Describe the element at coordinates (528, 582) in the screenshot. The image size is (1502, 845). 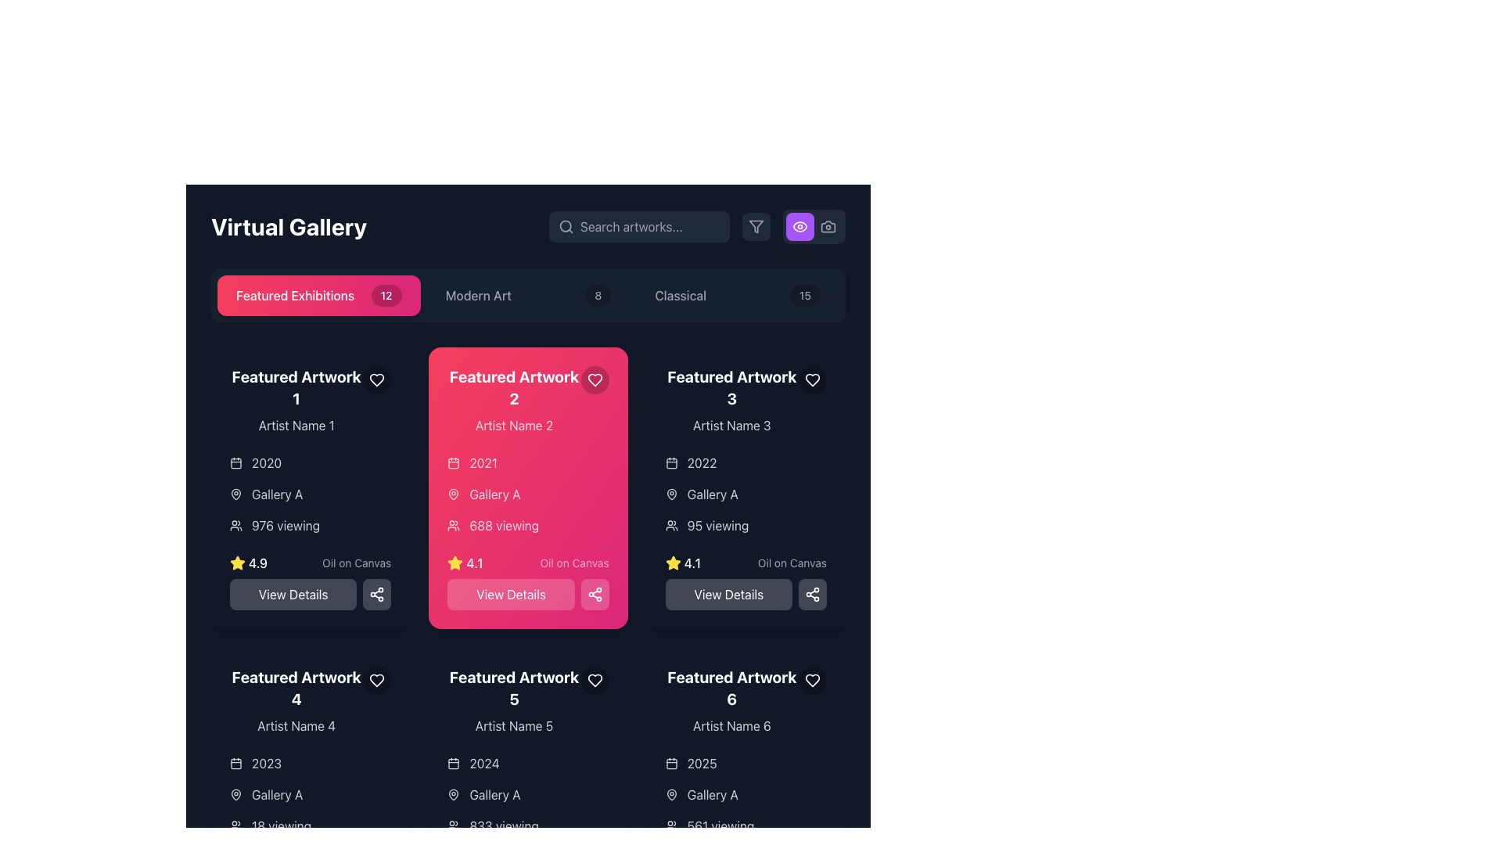
I see `the button located at the bottom section of the card titled 'Featured Artwork 2'` at that location.